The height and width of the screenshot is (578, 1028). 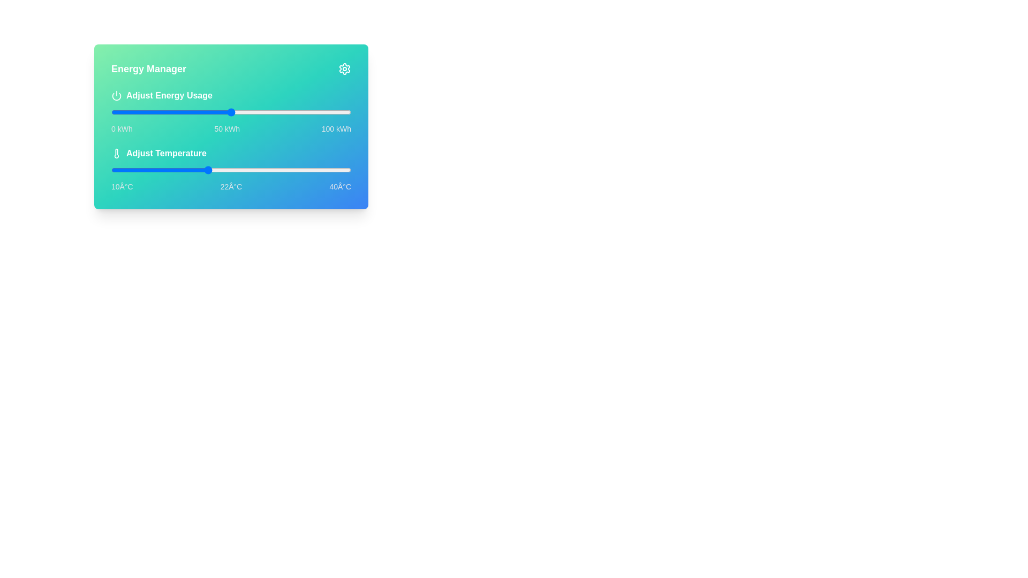 I want to click on the 'Energy Manager' title to interact with it, so click(x=231, y=69).